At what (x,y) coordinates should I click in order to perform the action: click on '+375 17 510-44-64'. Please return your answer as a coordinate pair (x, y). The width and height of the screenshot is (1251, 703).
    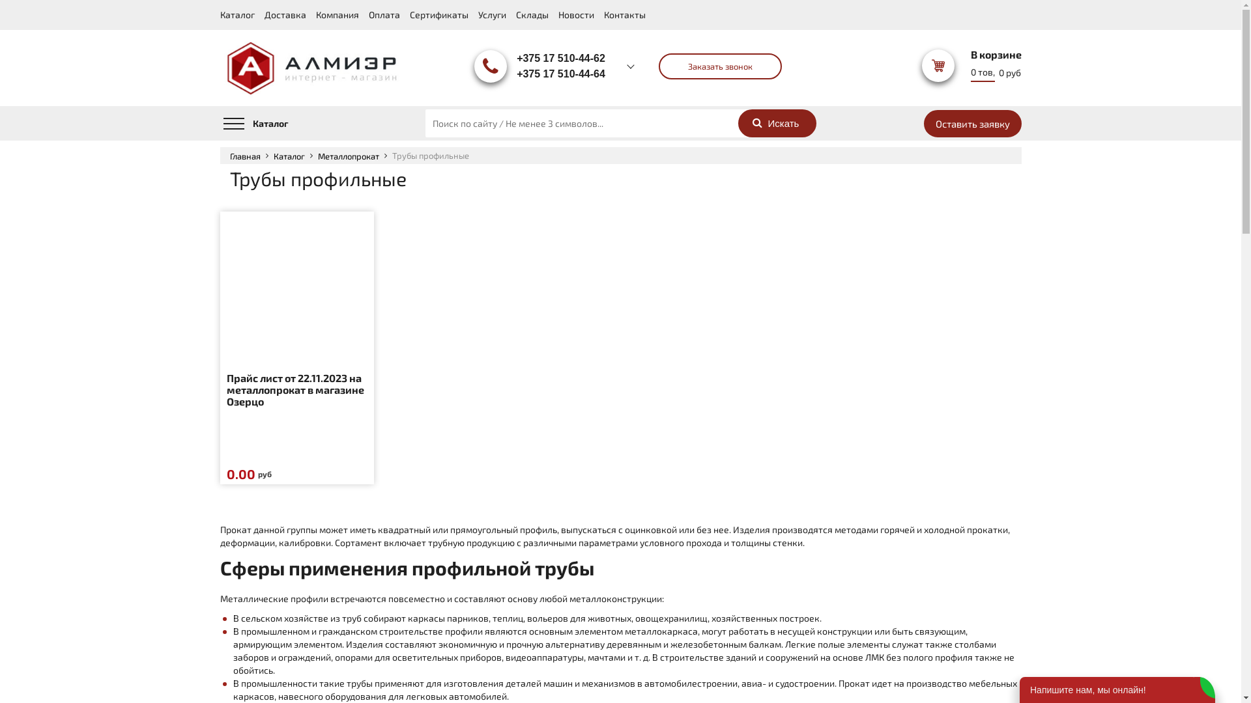
    Looking at the image, I should click on (560, 73).